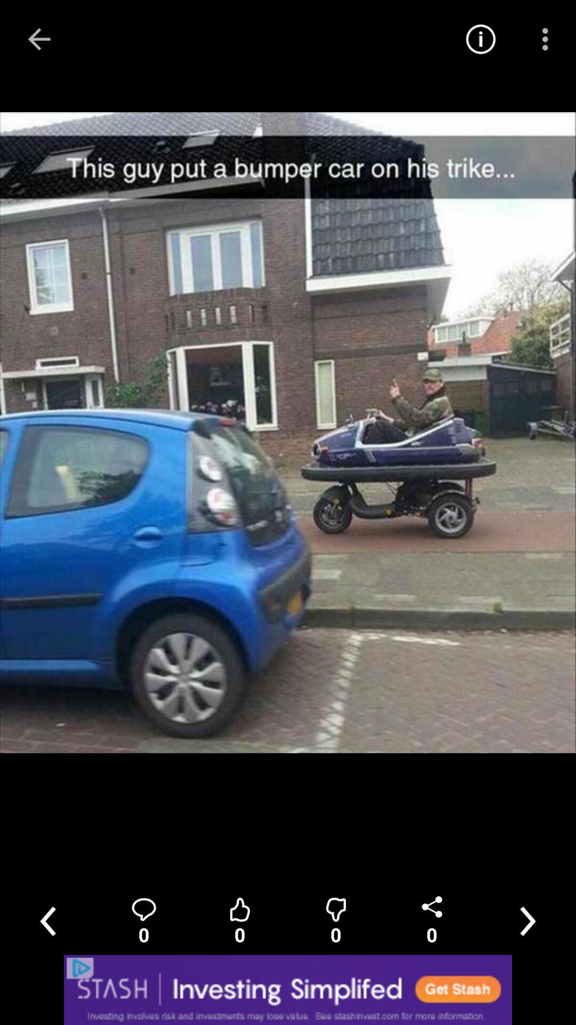 This screenshot has height=1025, width=576. I want to click on the avatar icon, so click(335, 909).